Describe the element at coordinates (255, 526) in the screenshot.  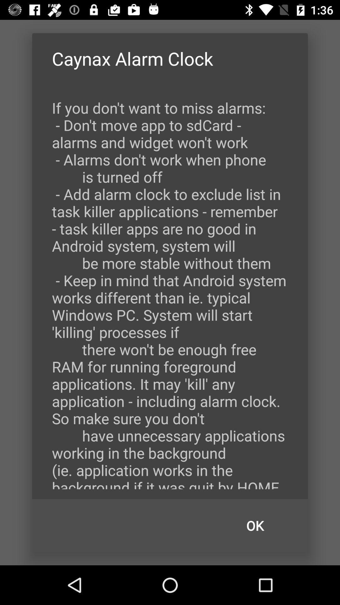
I see `the icon below the if you don` at that location.